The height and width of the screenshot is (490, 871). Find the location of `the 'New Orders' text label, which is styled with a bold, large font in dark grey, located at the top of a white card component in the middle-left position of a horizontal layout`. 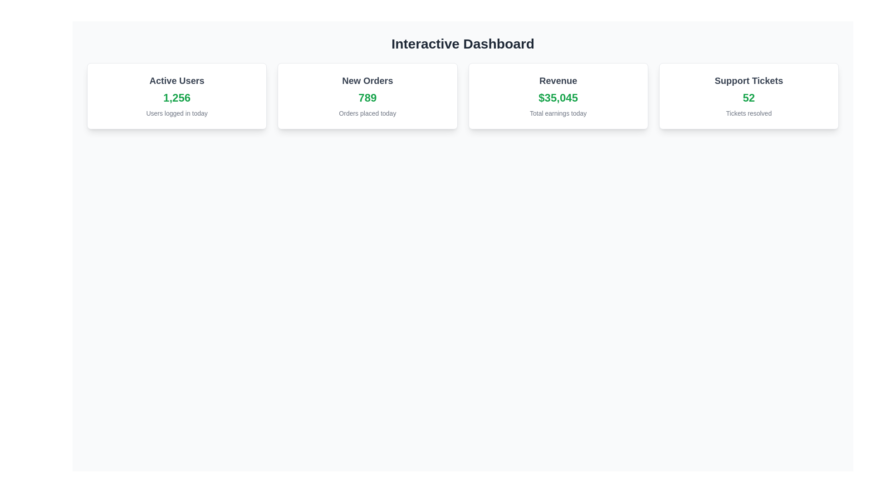

the 'New Orders' text label, which is styled with a bold, large font in dark grey, located at the top of a white card component in the middle-left position of a horizontal layout is located at coordinates (367, 80).